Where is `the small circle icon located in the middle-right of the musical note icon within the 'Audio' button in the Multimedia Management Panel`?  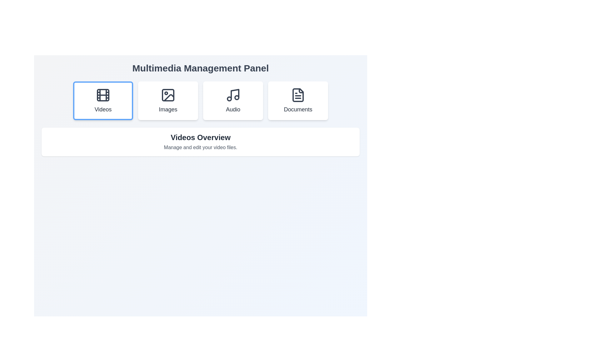
the small circle icon located in the middle-right of the musical note icon within the 'Audio' button in the Multimedia Management Panel is located at coordinates (237, 97).